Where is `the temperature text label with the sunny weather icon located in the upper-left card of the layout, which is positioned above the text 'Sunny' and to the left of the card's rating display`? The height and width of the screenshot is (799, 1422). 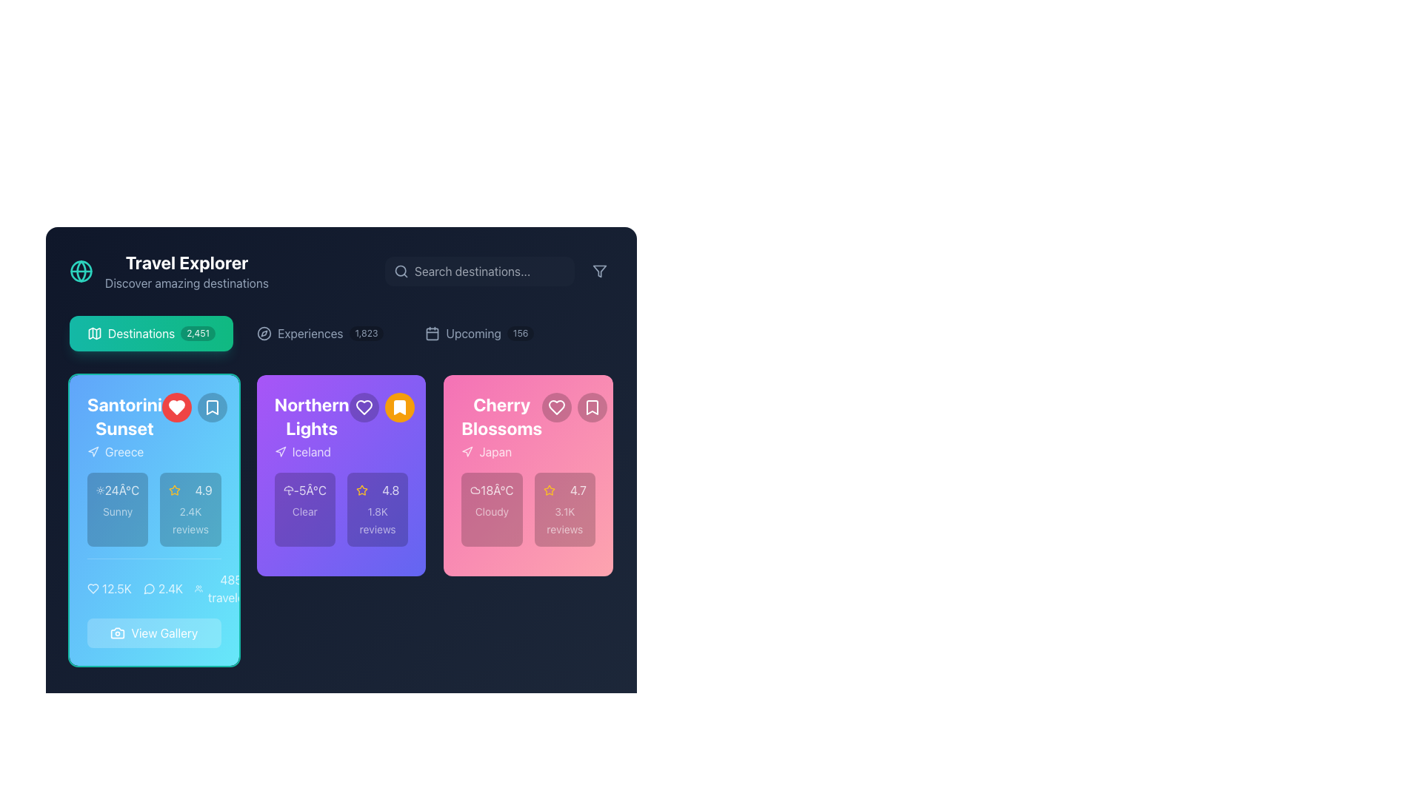 the temperature text label with the sunny weather icon located in the upper-left card of the layout, which is positioned above the text 'Sunny' and to the left of the card's rating display is located at coordinates (117, 490).